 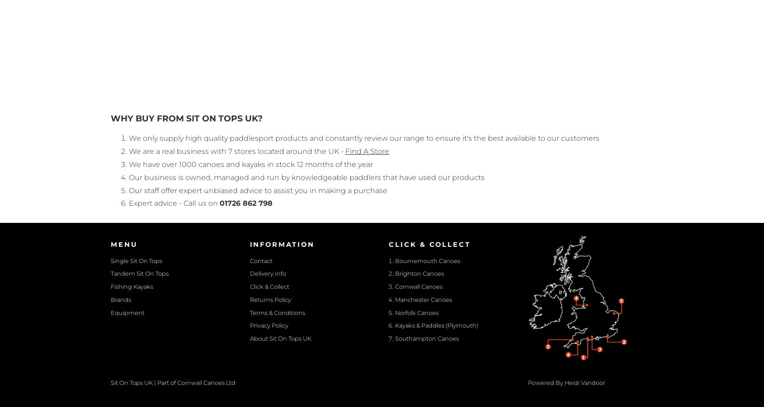 What do you see at coordinates (236, 151) in the screenshot?
I see `'We are a real business with 7 stores located around the UK -'` at bounding box center [236, 151].